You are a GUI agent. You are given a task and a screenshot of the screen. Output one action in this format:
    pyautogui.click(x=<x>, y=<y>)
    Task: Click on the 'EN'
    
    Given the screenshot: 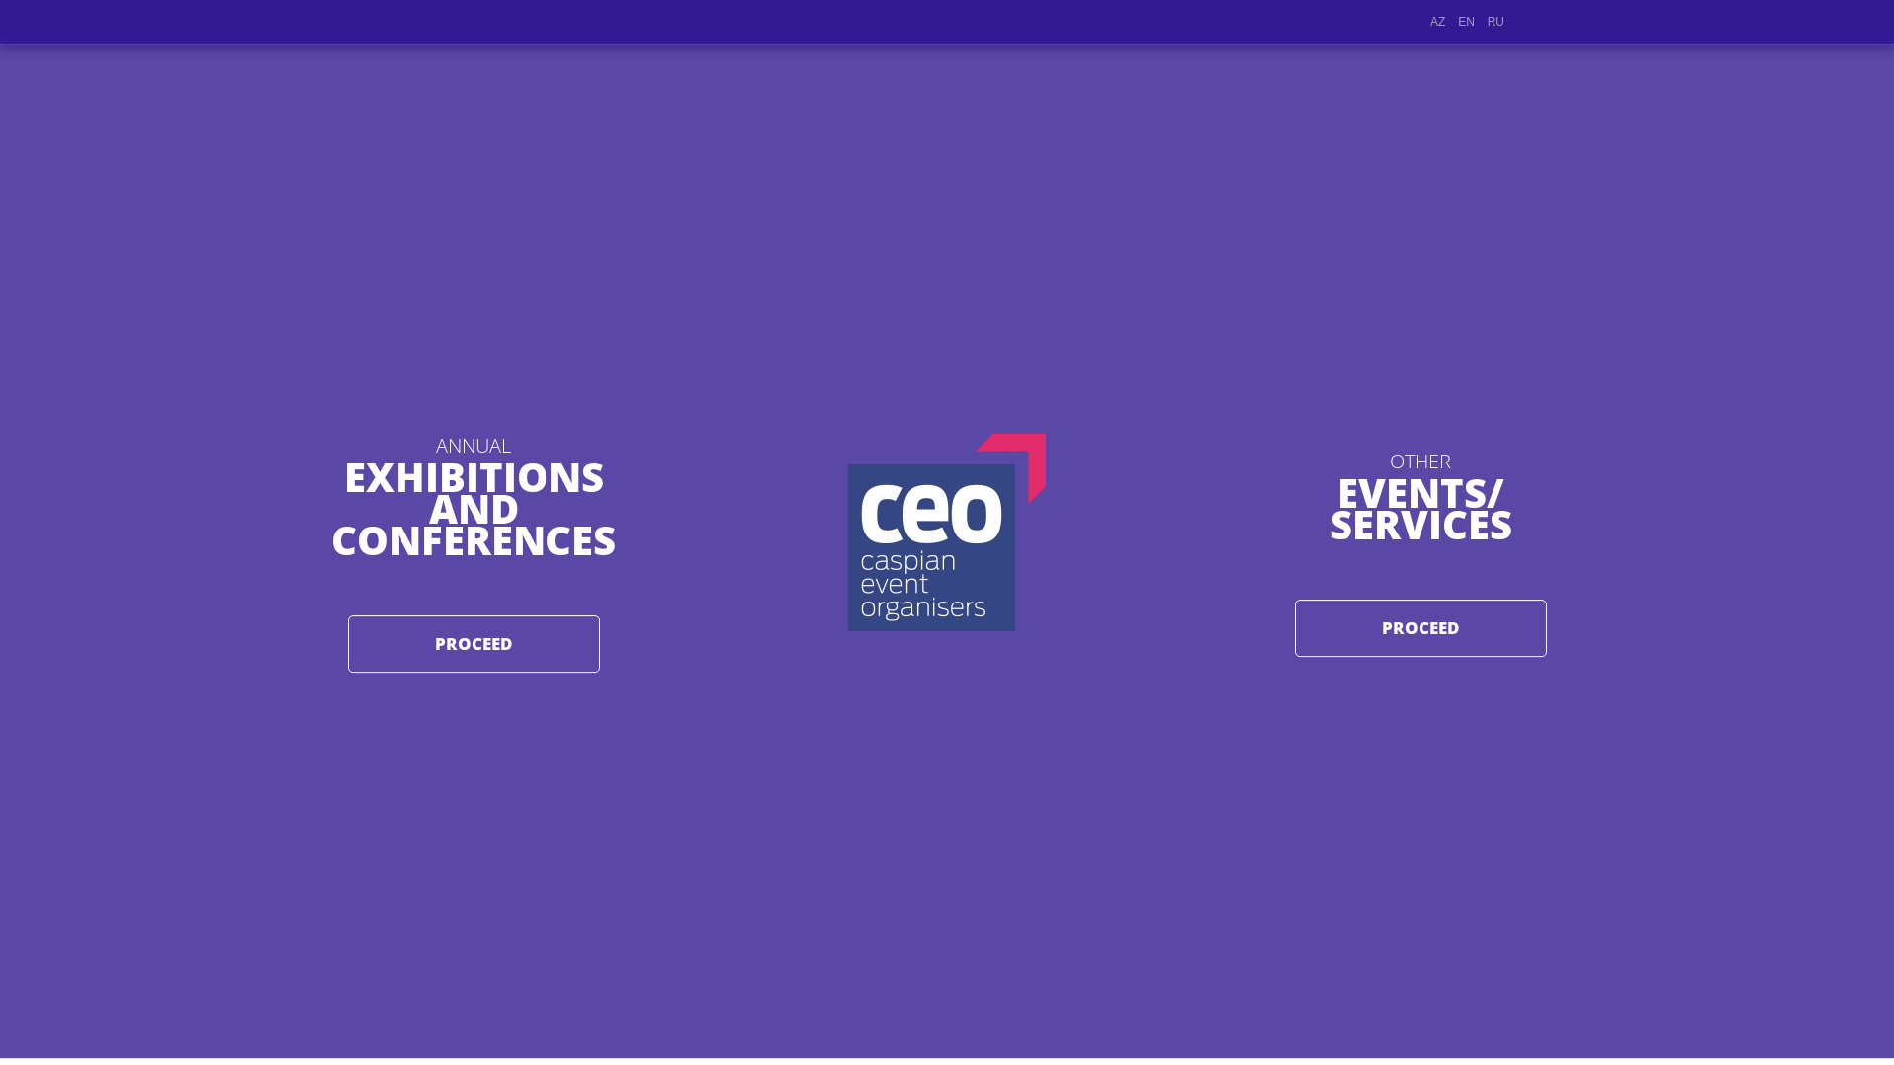 What is the action you would take?
    pyautogui.click(x=1466, y=22)
    